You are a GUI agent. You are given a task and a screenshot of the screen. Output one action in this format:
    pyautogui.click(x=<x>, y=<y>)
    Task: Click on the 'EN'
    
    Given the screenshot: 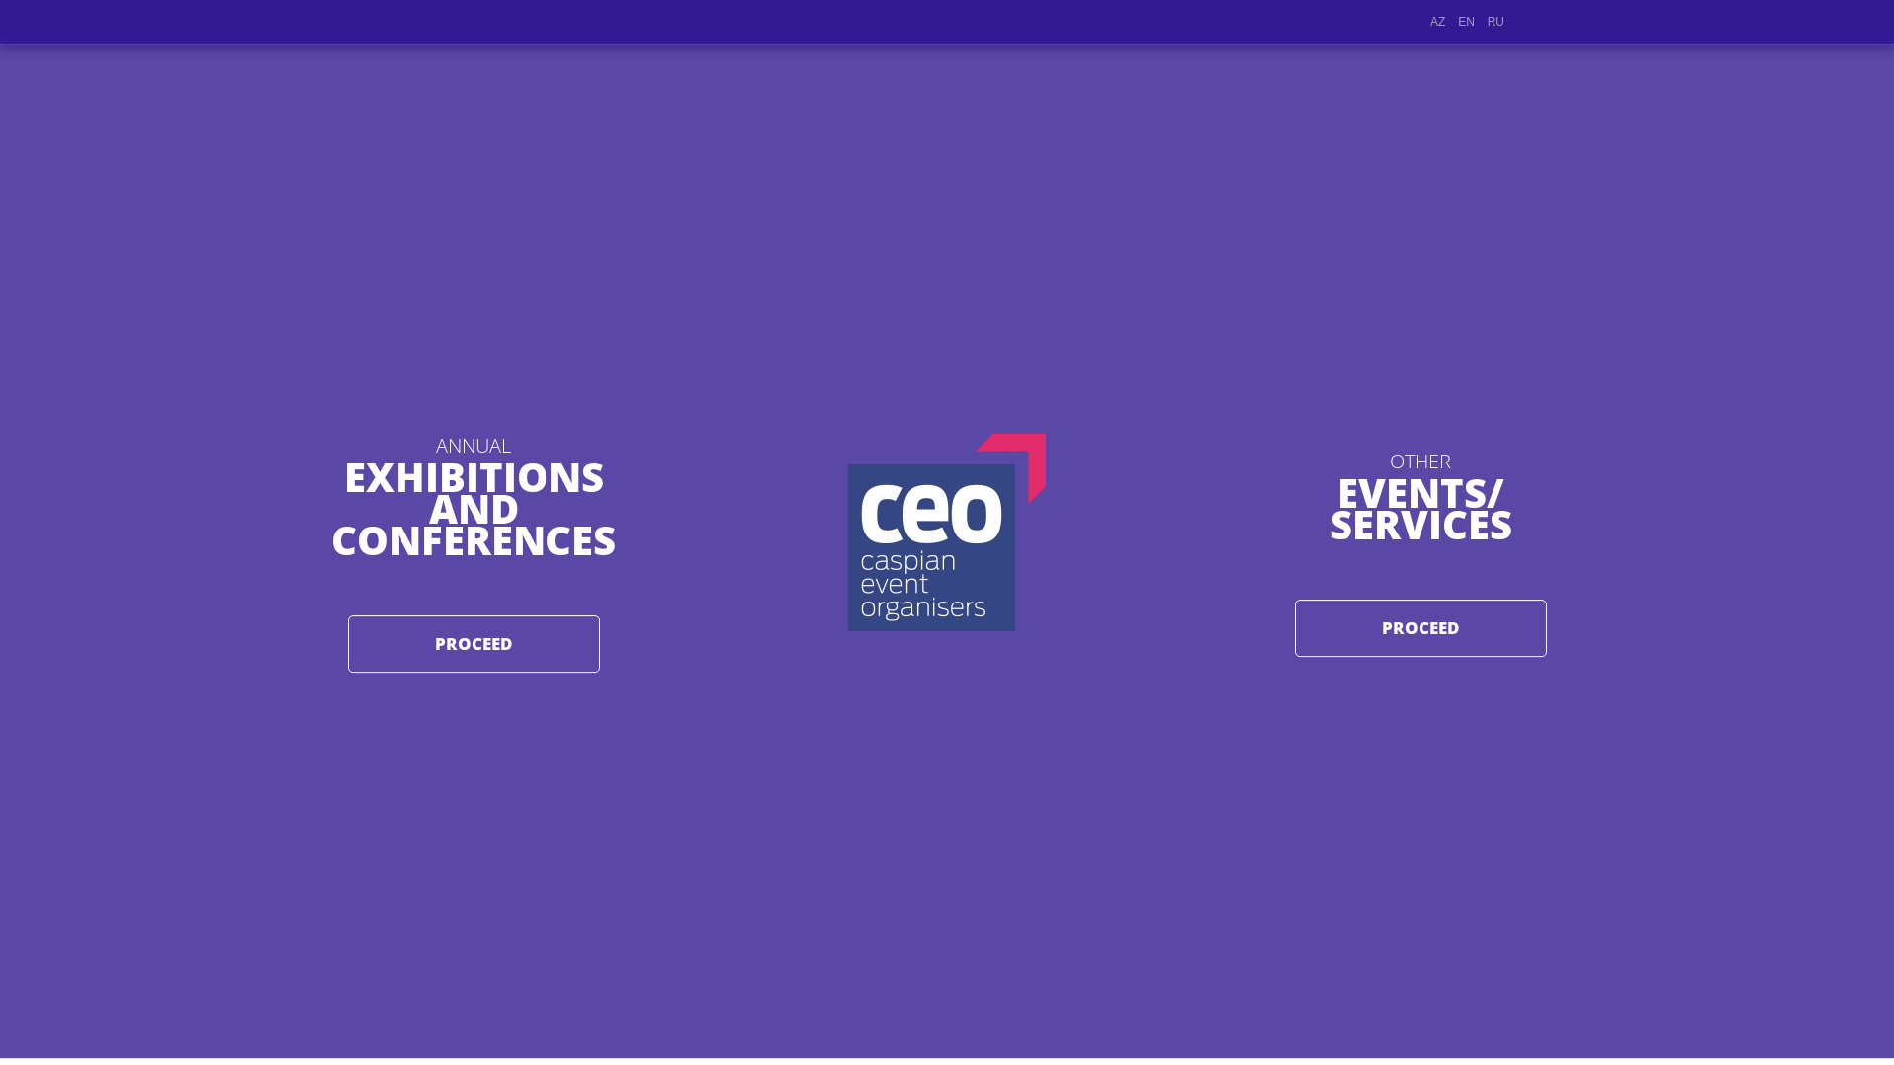 What is the action you would take?
    pyautogui.click(x=1466, y=22)
    